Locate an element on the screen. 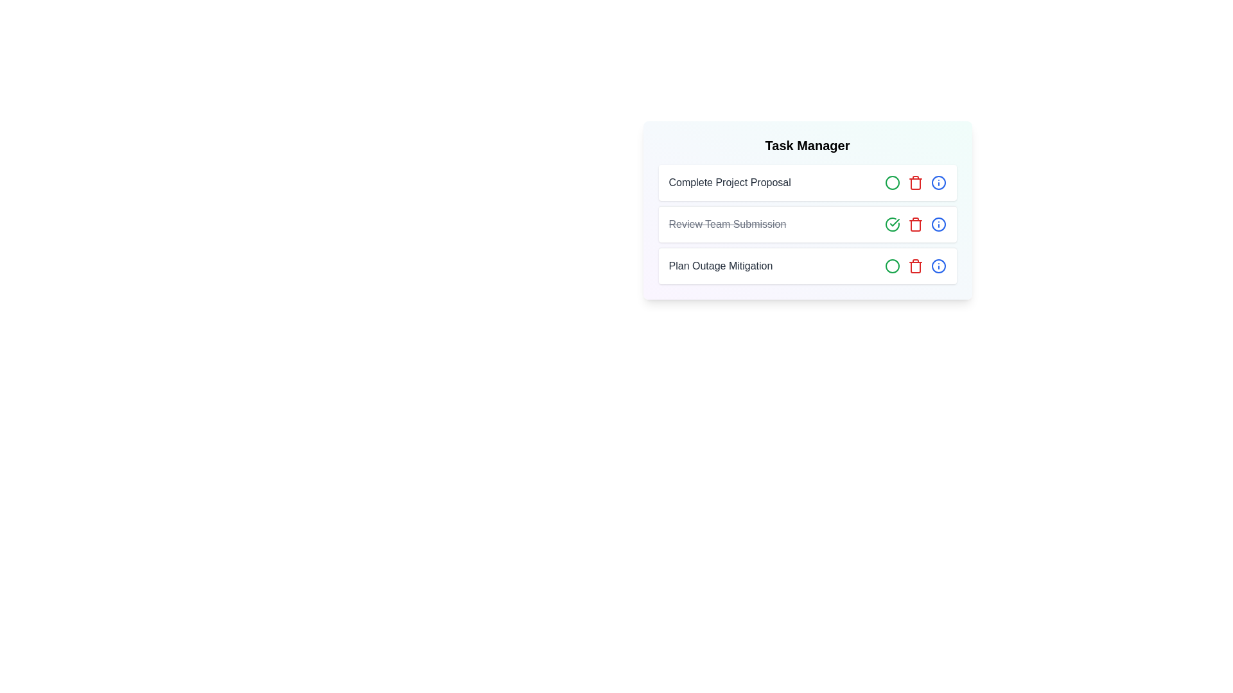 This screenshot has width=1233, height=693. delete button for the task titled Plan Outage Mitigation is located at coordinates (914, 266).